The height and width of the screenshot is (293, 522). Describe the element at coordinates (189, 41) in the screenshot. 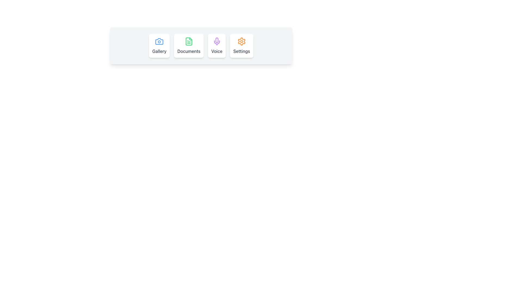

I see `the state of the vibrant green document icon, which is the topmost component in the 'Documents' option, located above the text labeled 'Documents'` at that location.